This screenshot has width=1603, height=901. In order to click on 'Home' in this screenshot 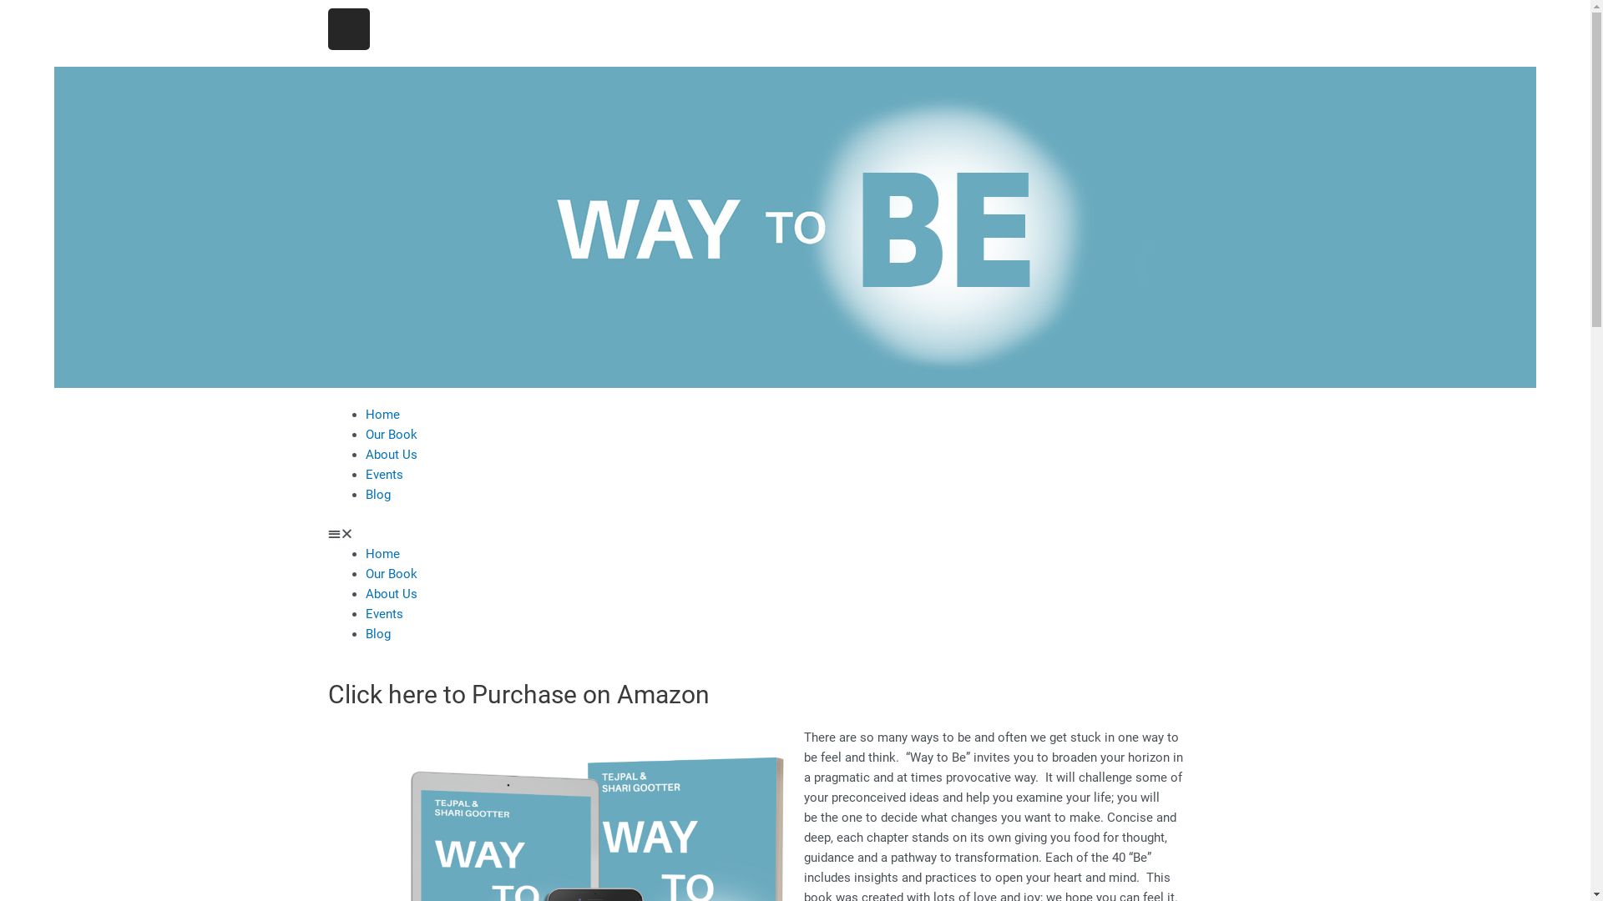, I will do `click(382, 553)`.